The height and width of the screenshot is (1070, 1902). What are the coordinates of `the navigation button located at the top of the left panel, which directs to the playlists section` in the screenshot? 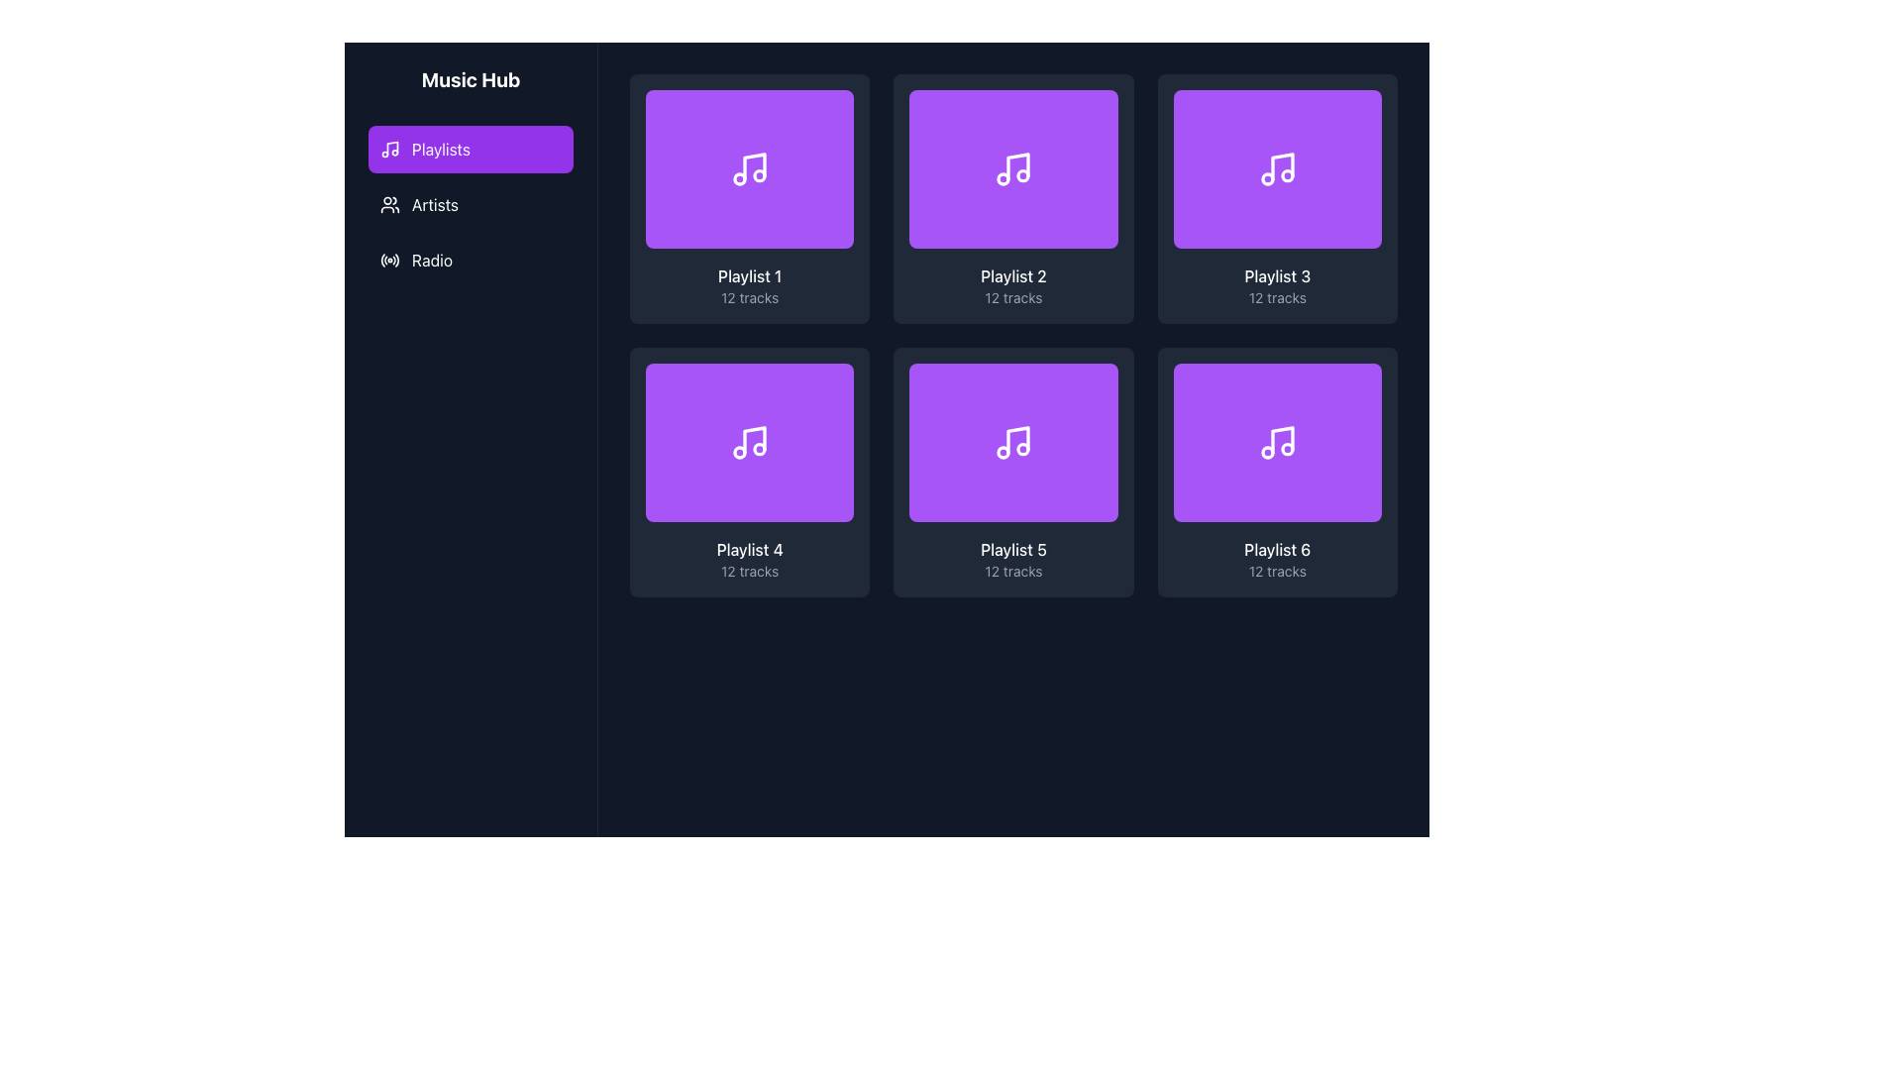 It's located at (470, 148).